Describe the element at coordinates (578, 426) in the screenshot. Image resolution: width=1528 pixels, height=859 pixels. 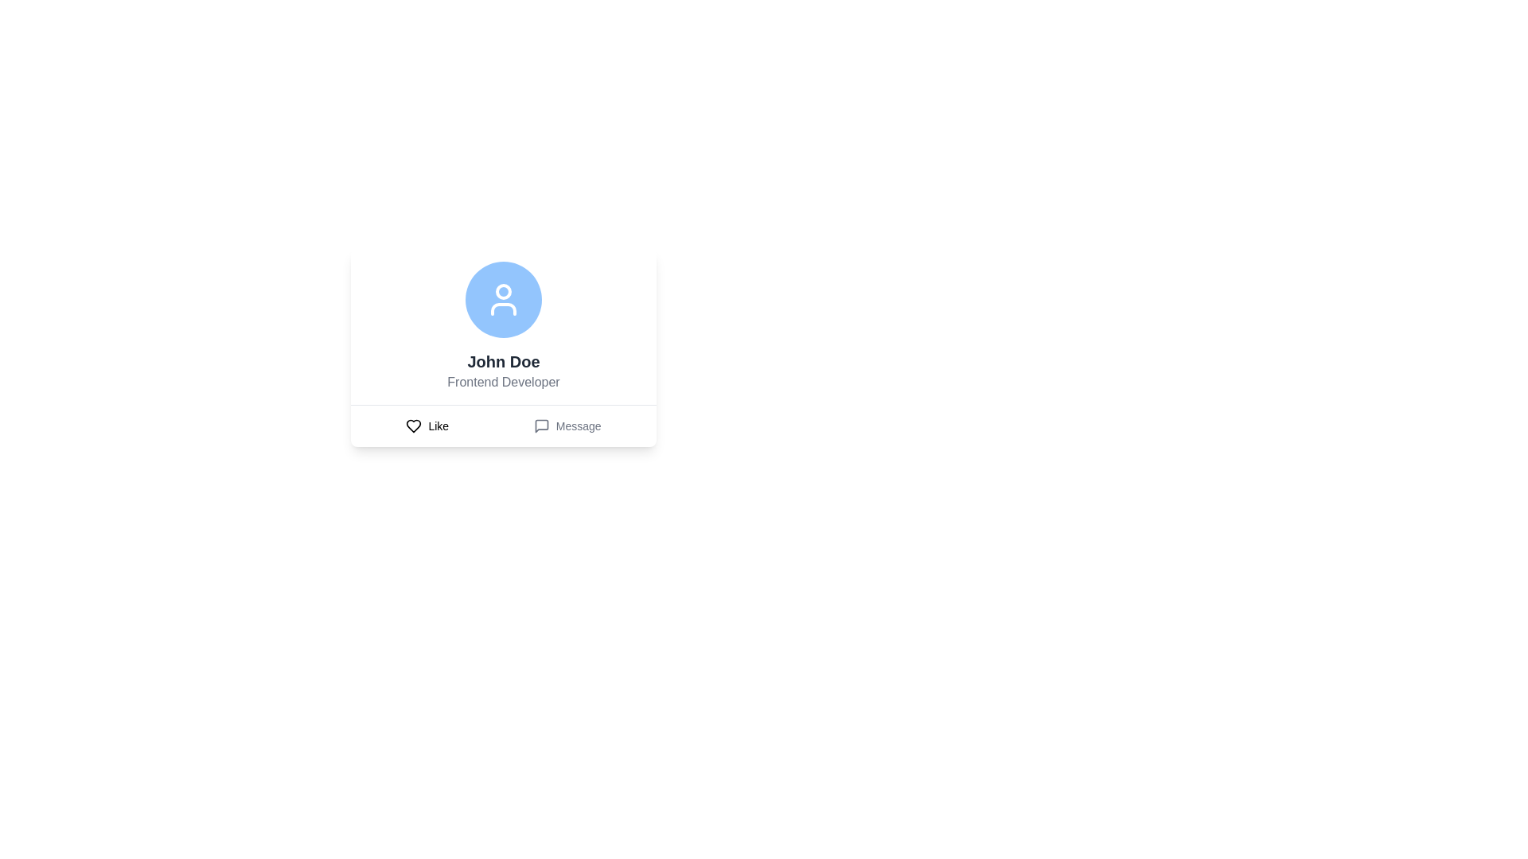
I see `the 'Message' text label, which is rendered in a small, gray font and positioned to the right of a speech bubble icon` at that location.